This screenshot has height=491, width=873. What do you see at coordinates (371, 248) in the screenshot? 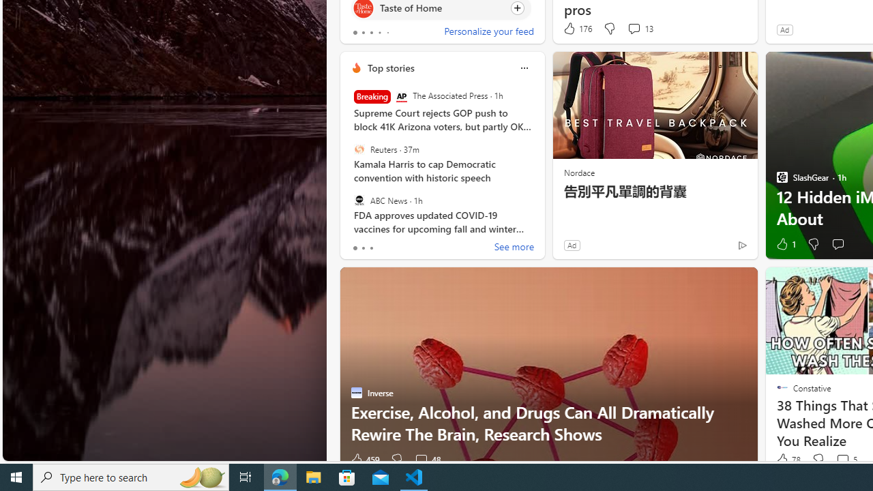
I see `'tab-2'` at bounding box center [371, 248].